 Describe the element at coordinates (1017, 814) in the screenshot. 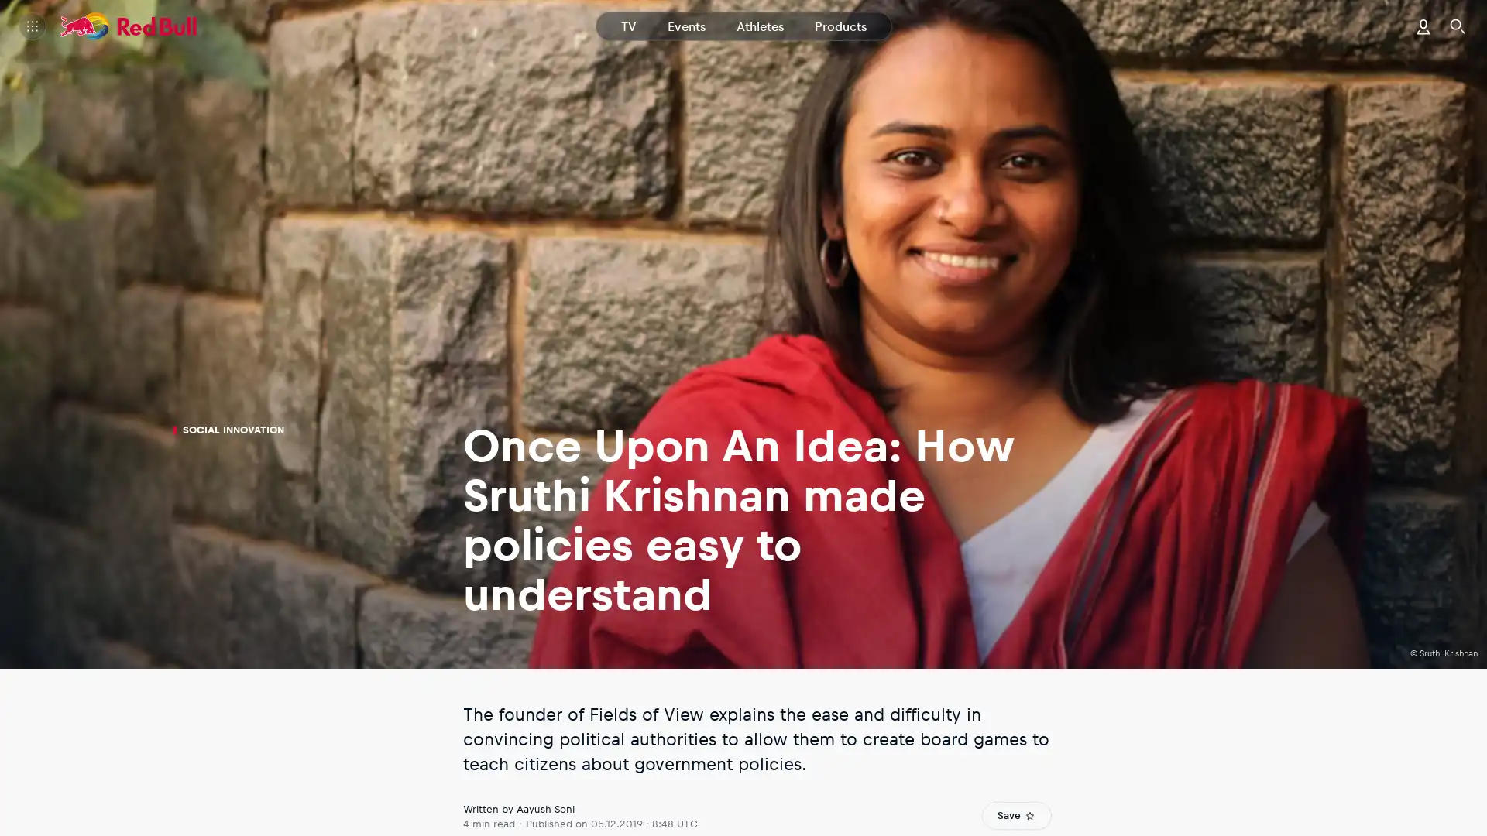

I see `Add to favorites` at that location.